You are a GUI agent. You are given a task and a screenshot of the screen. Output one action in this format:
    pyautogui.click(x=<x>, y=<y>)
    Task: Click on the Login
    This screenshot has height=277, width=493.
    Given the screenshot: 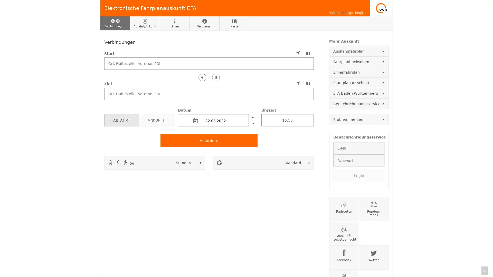 What is the action you would take?
    pyautogui.click(x=358, y=175)
    